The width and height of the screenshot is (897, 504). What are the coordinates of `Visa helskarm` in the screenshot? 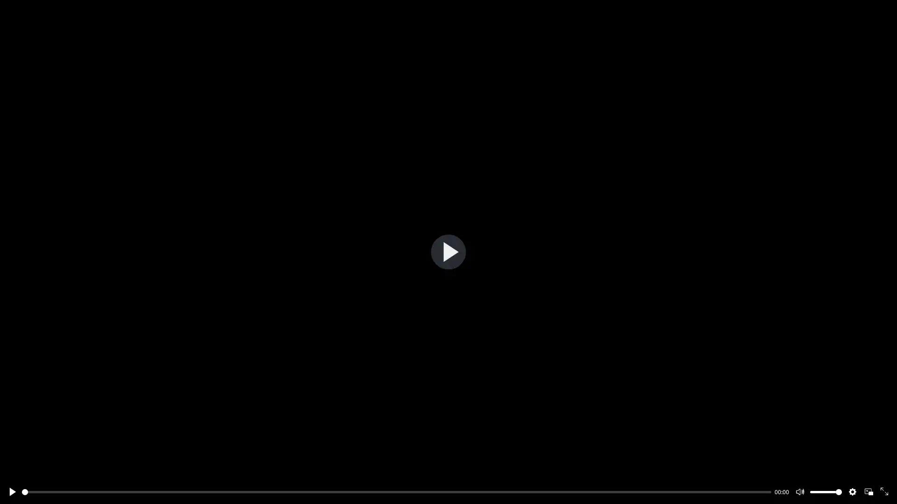 It's located at (884, 491).